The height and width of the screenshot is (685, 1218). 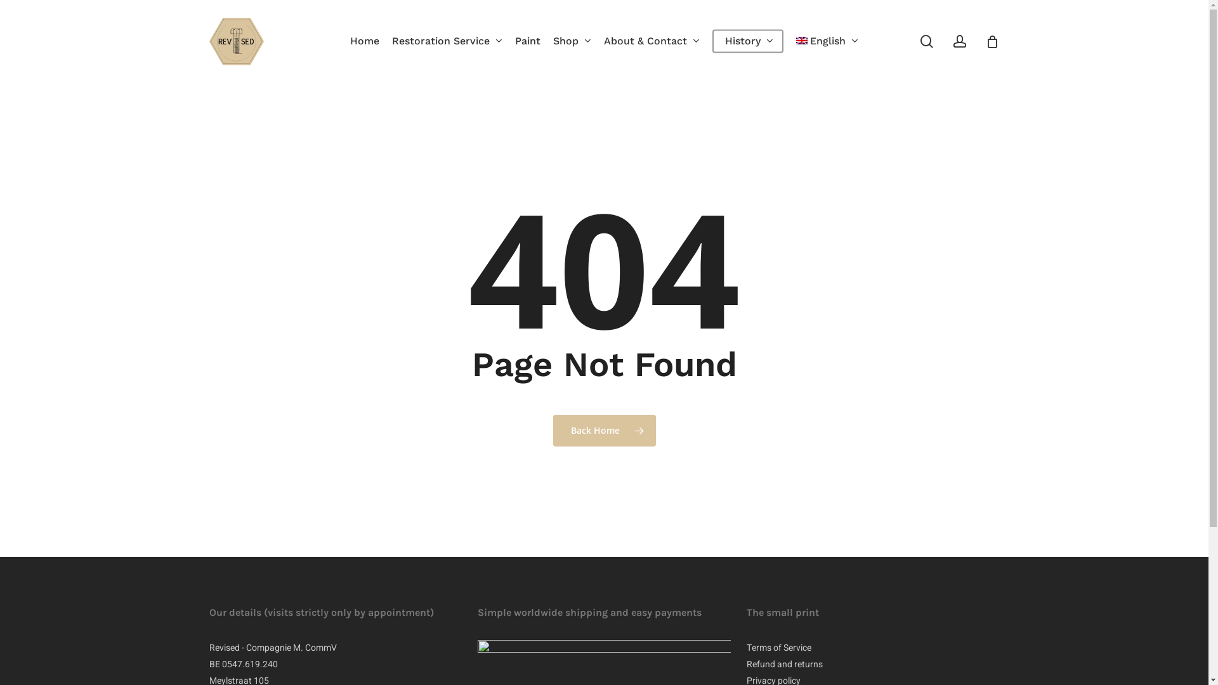 What do you see at coordinates (364, 41) in the screenshot?
I see `'Home'` at bounding box center [364, 41].